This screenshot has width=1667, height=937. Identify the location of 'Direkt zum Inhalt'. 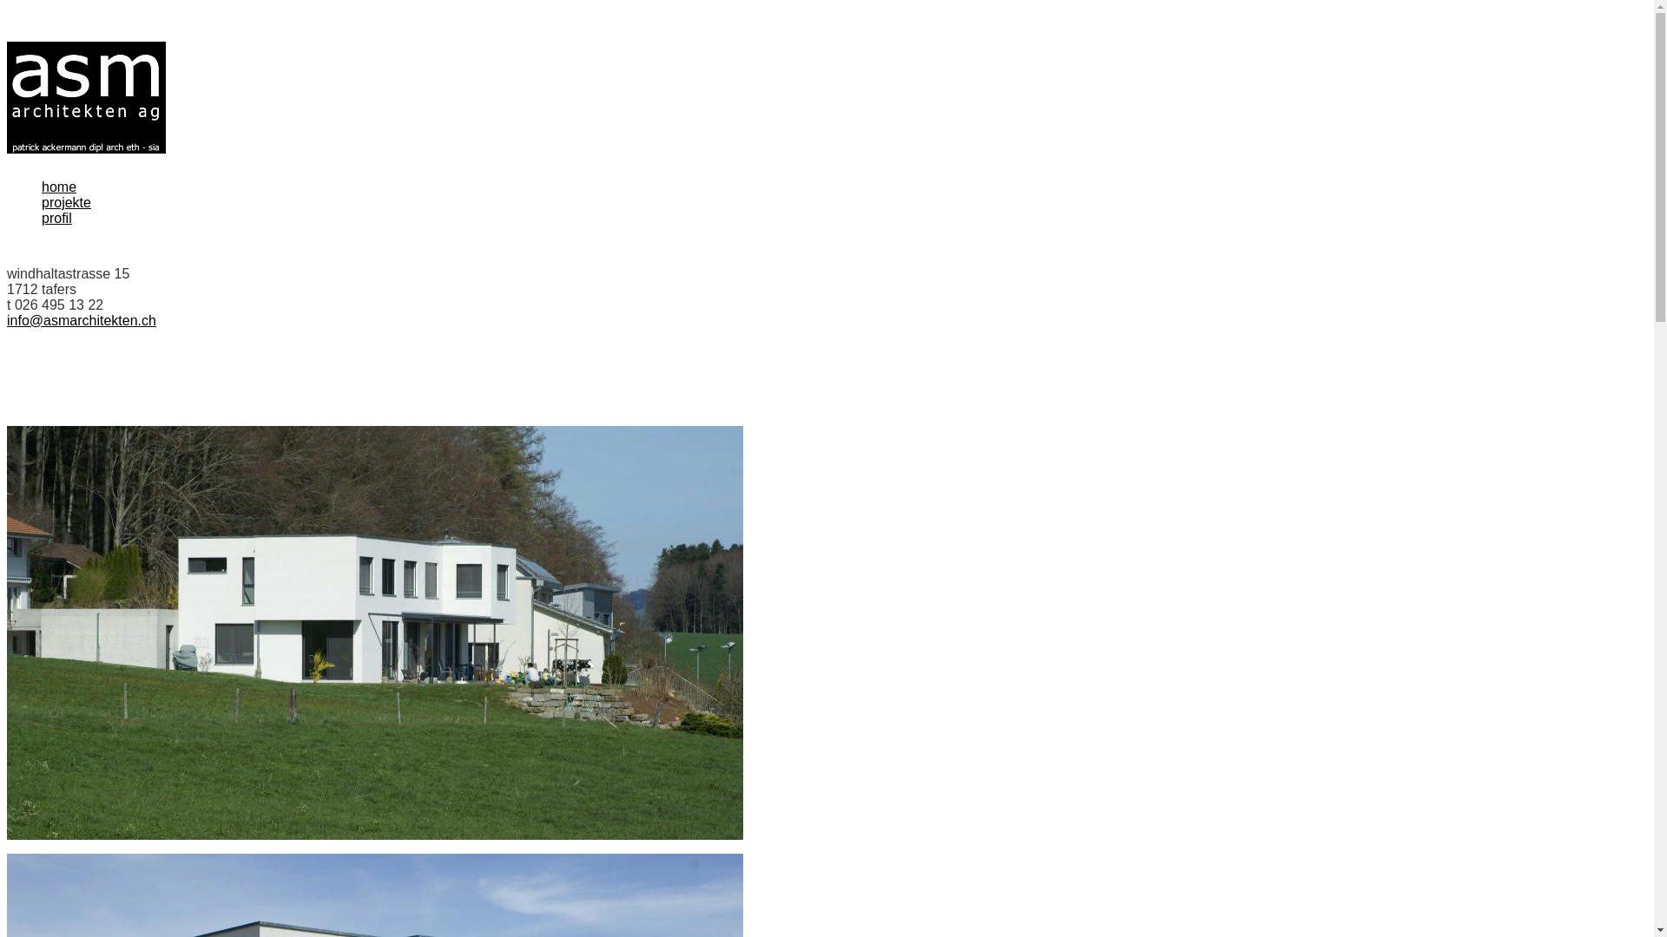
(7, 41).